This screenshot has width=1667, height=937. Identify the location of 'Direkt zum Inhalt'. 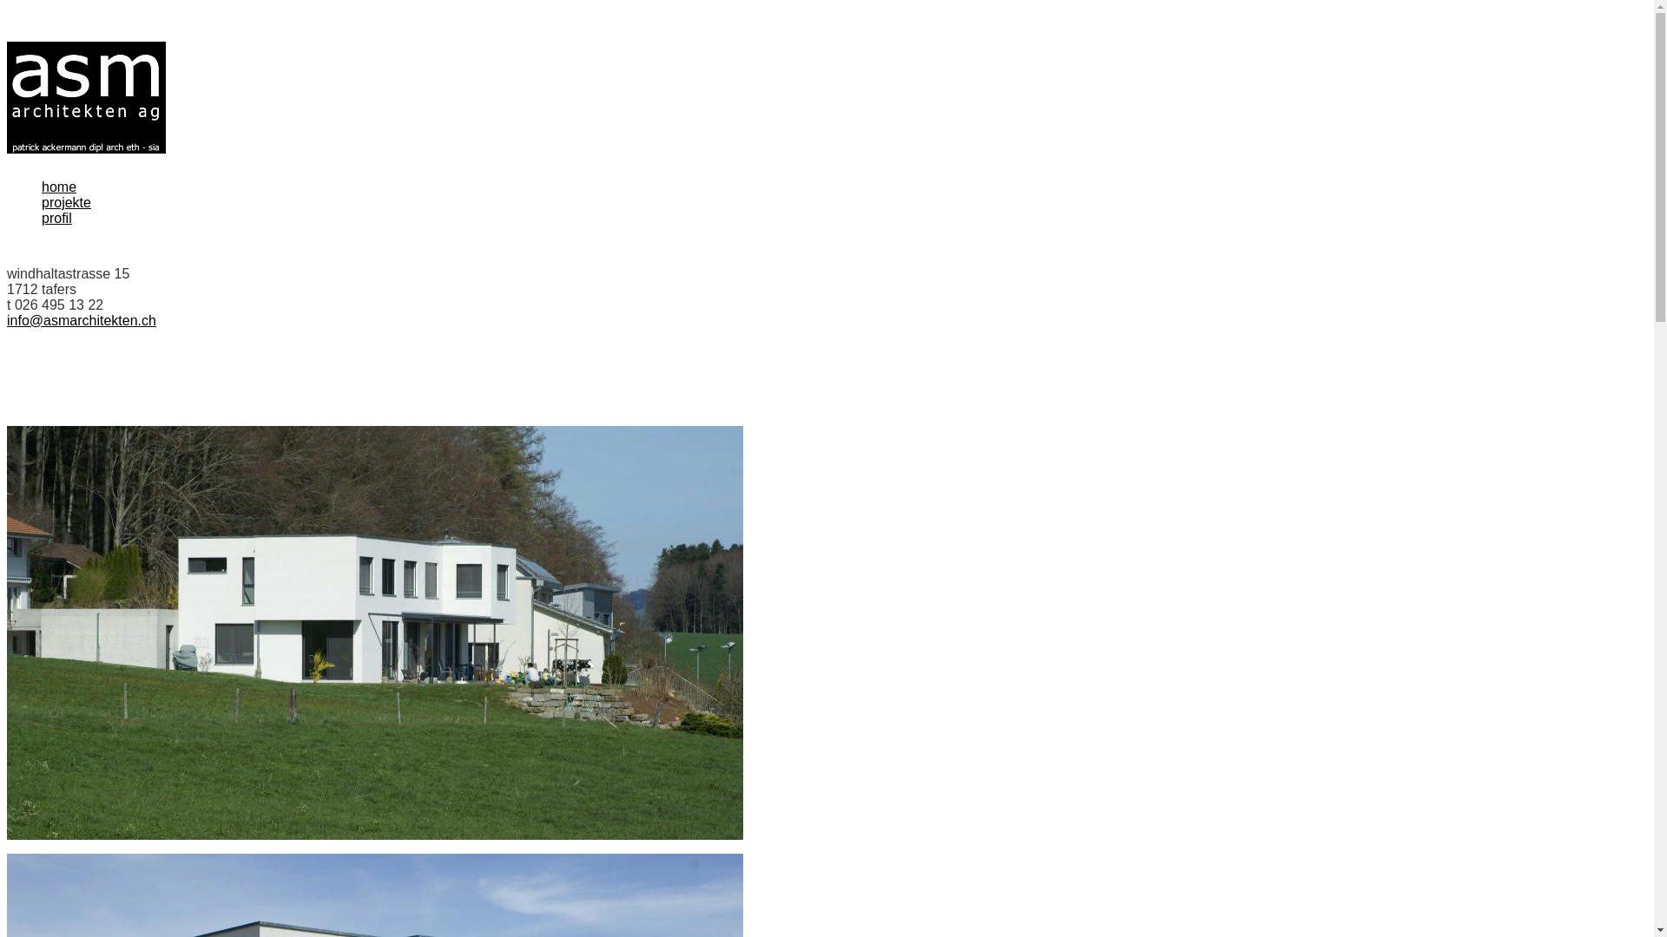
(7, 41).